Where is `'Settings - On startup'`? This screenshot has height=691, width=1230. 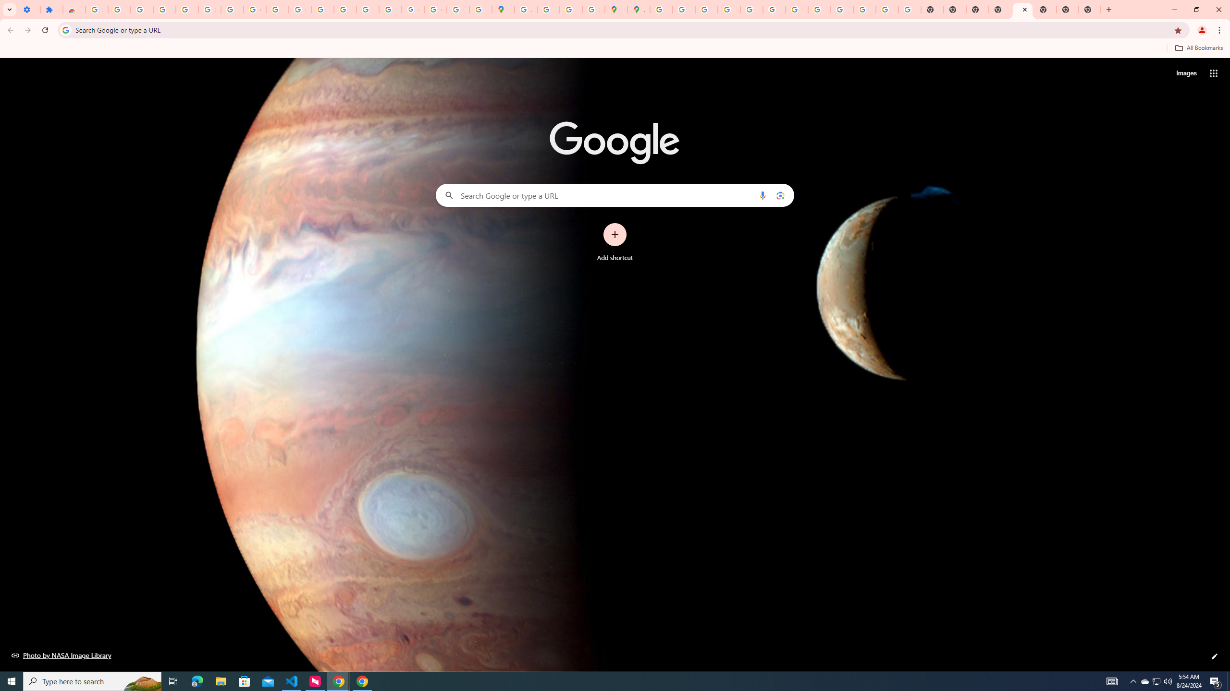 'Settings - On startup' is located at coordinates (29, 9).